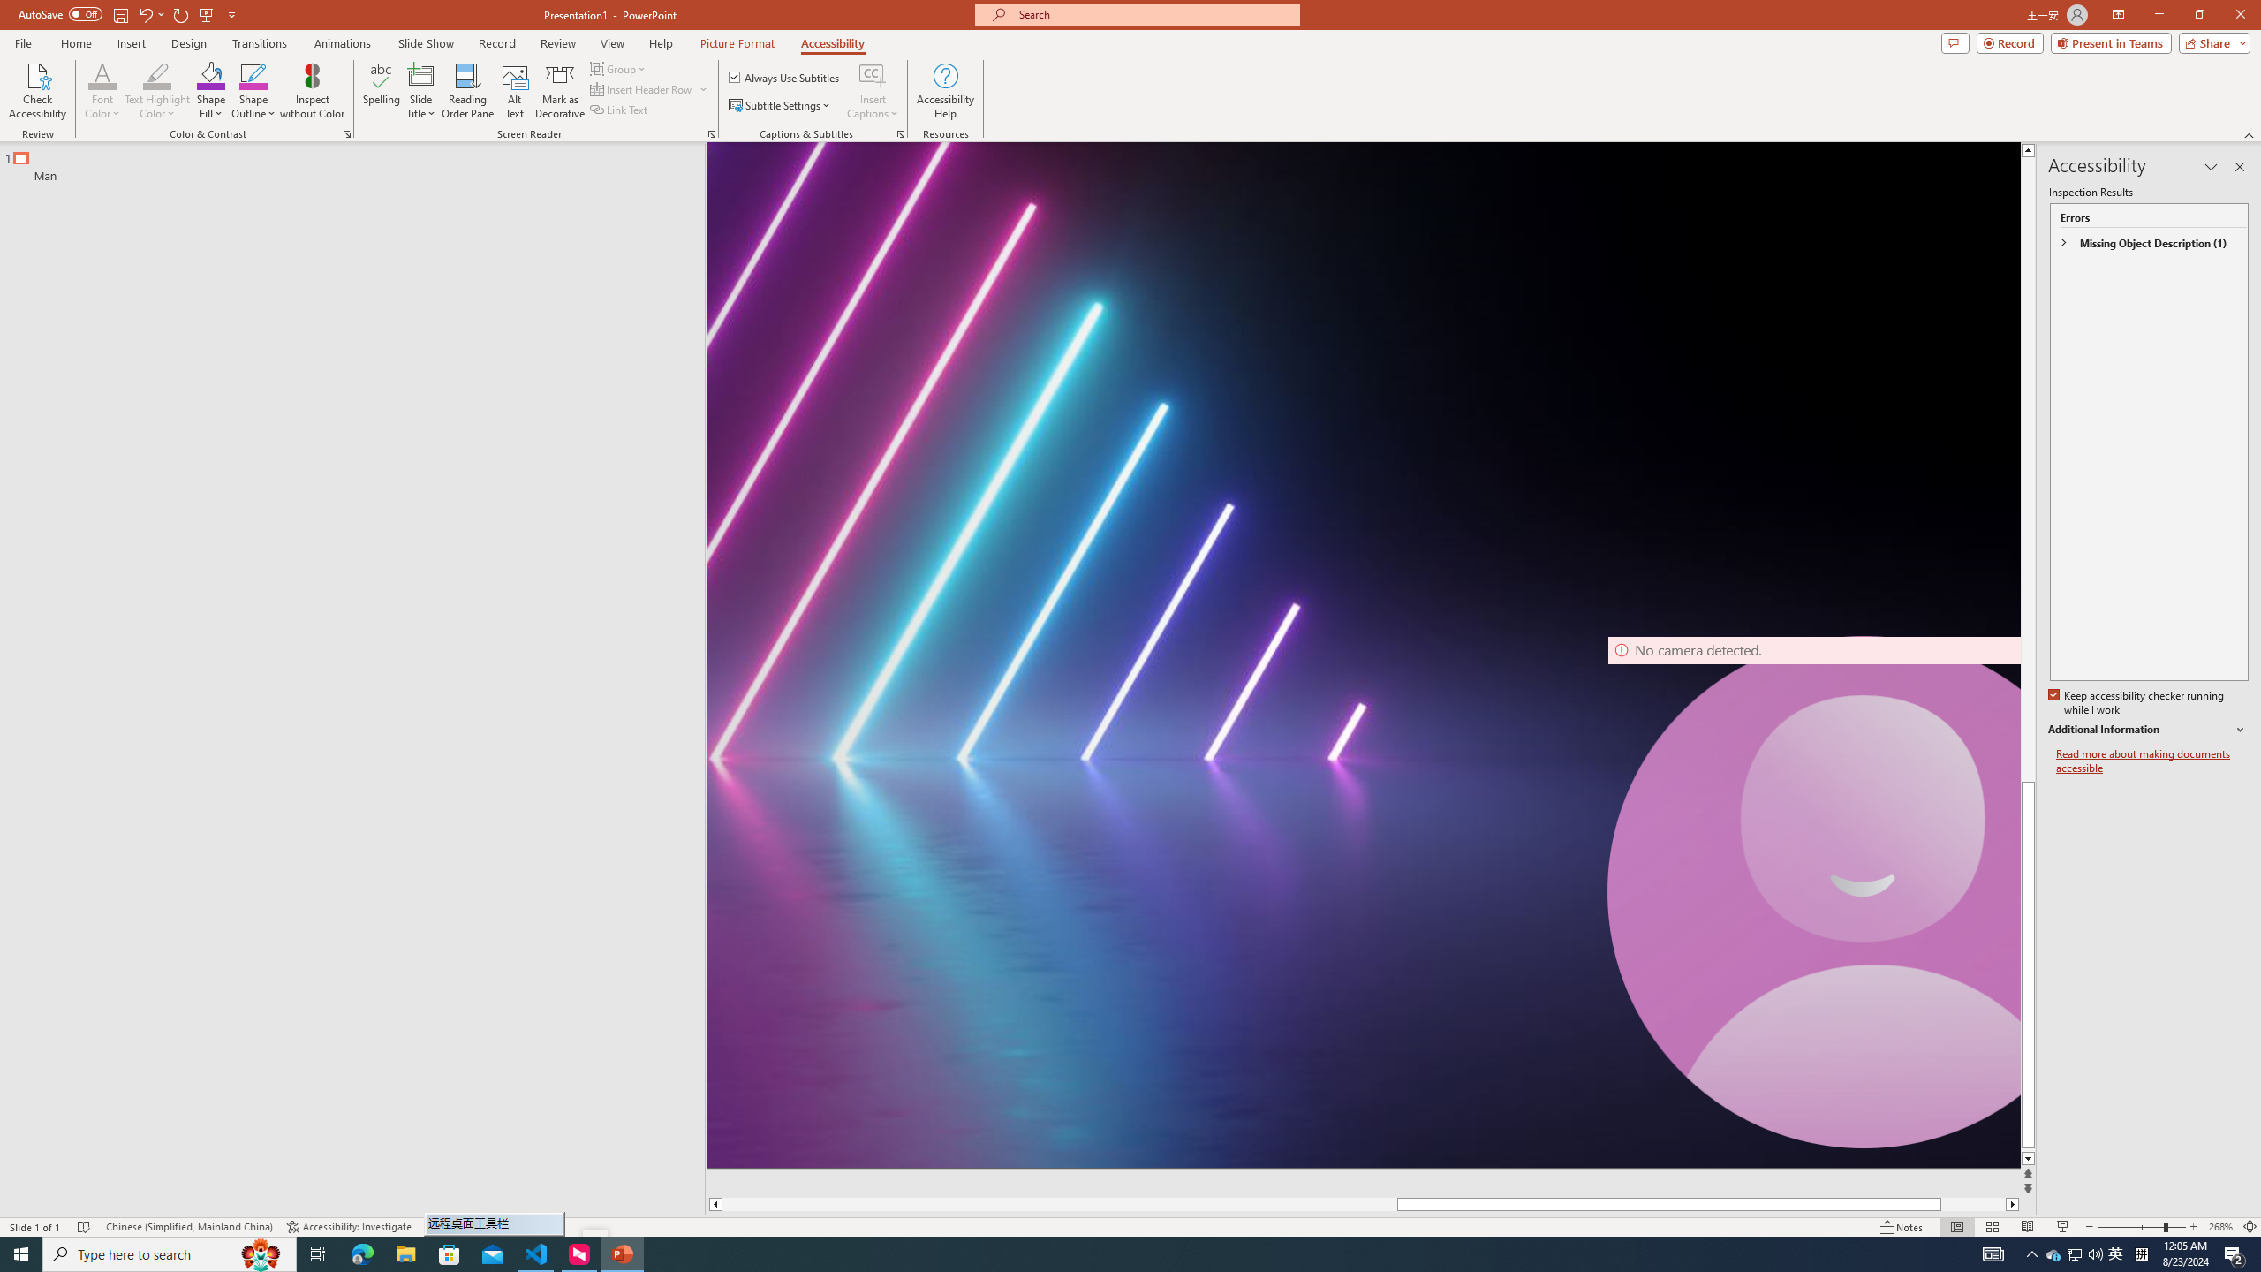 This screenshot has width=2261, height=1272. I want to click on 'Transitions', so click(259, 43).